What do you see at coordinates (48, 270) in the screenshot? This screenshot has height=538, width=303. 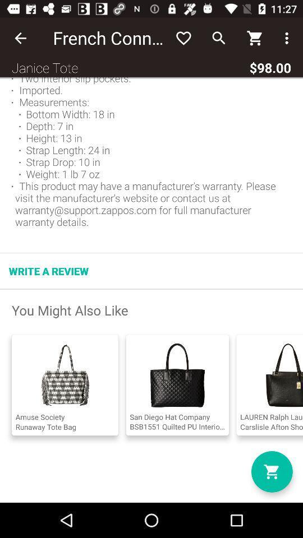 I see `the write a review` at bounding box center [48, 270].